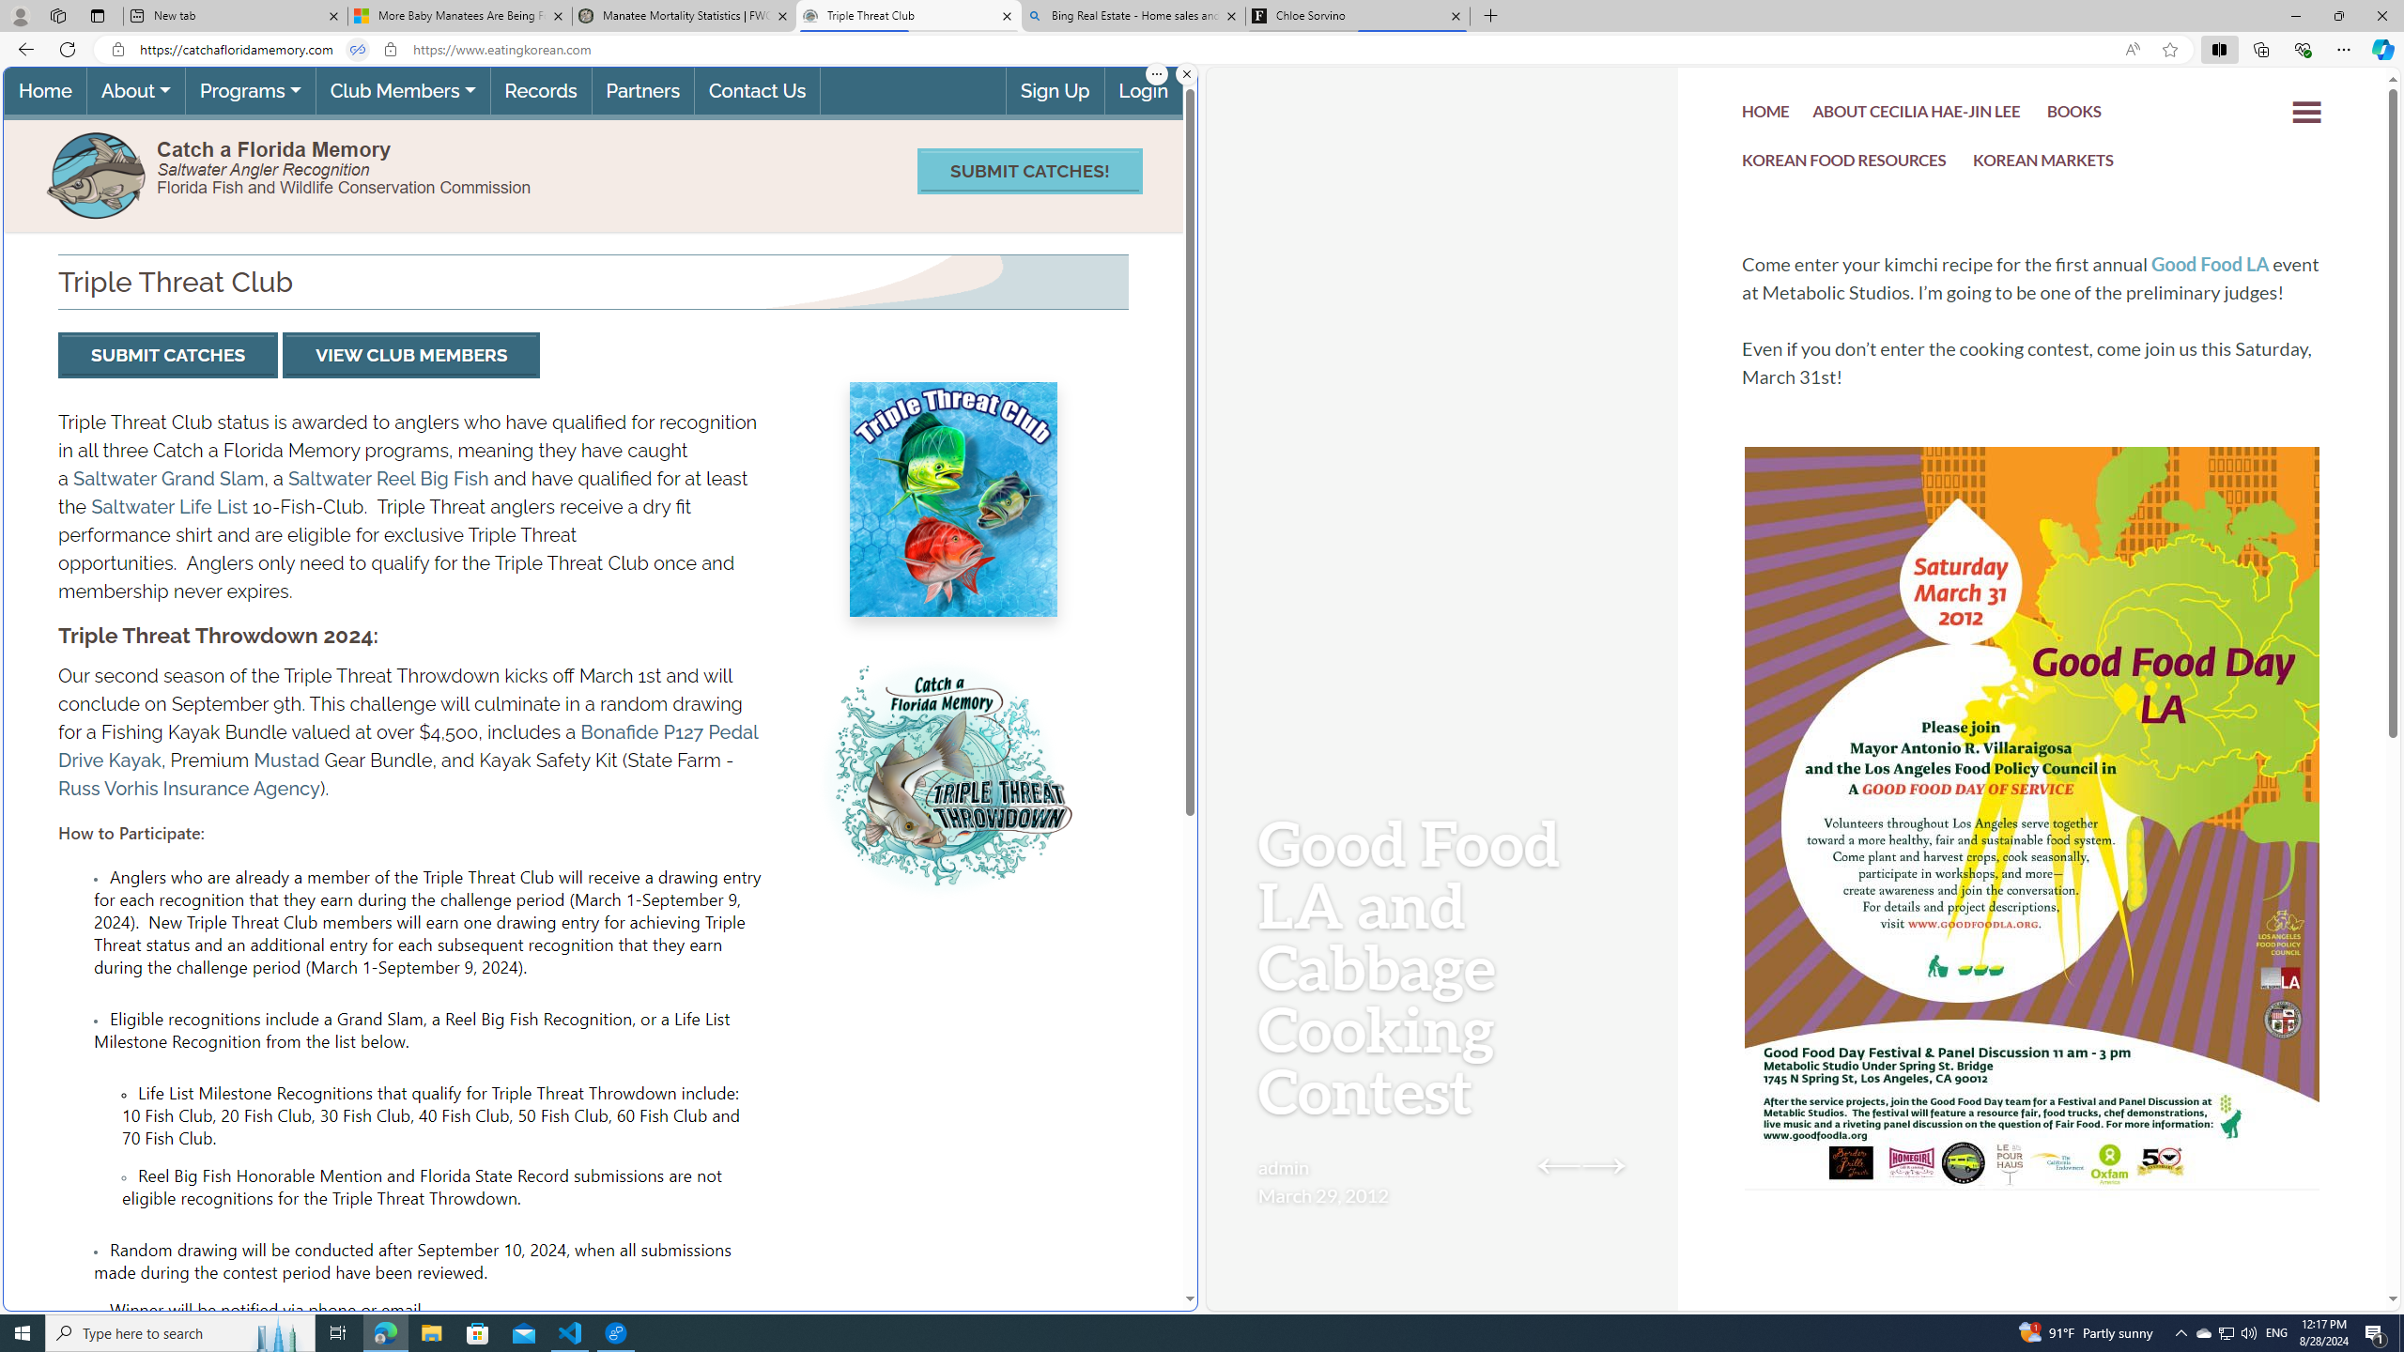 Image resolution: width=2404 pixels, height=1352 pixels. Describe the element at coordinates (19, 15) in the screenshot. I see `'Personal Profile'` at that location.